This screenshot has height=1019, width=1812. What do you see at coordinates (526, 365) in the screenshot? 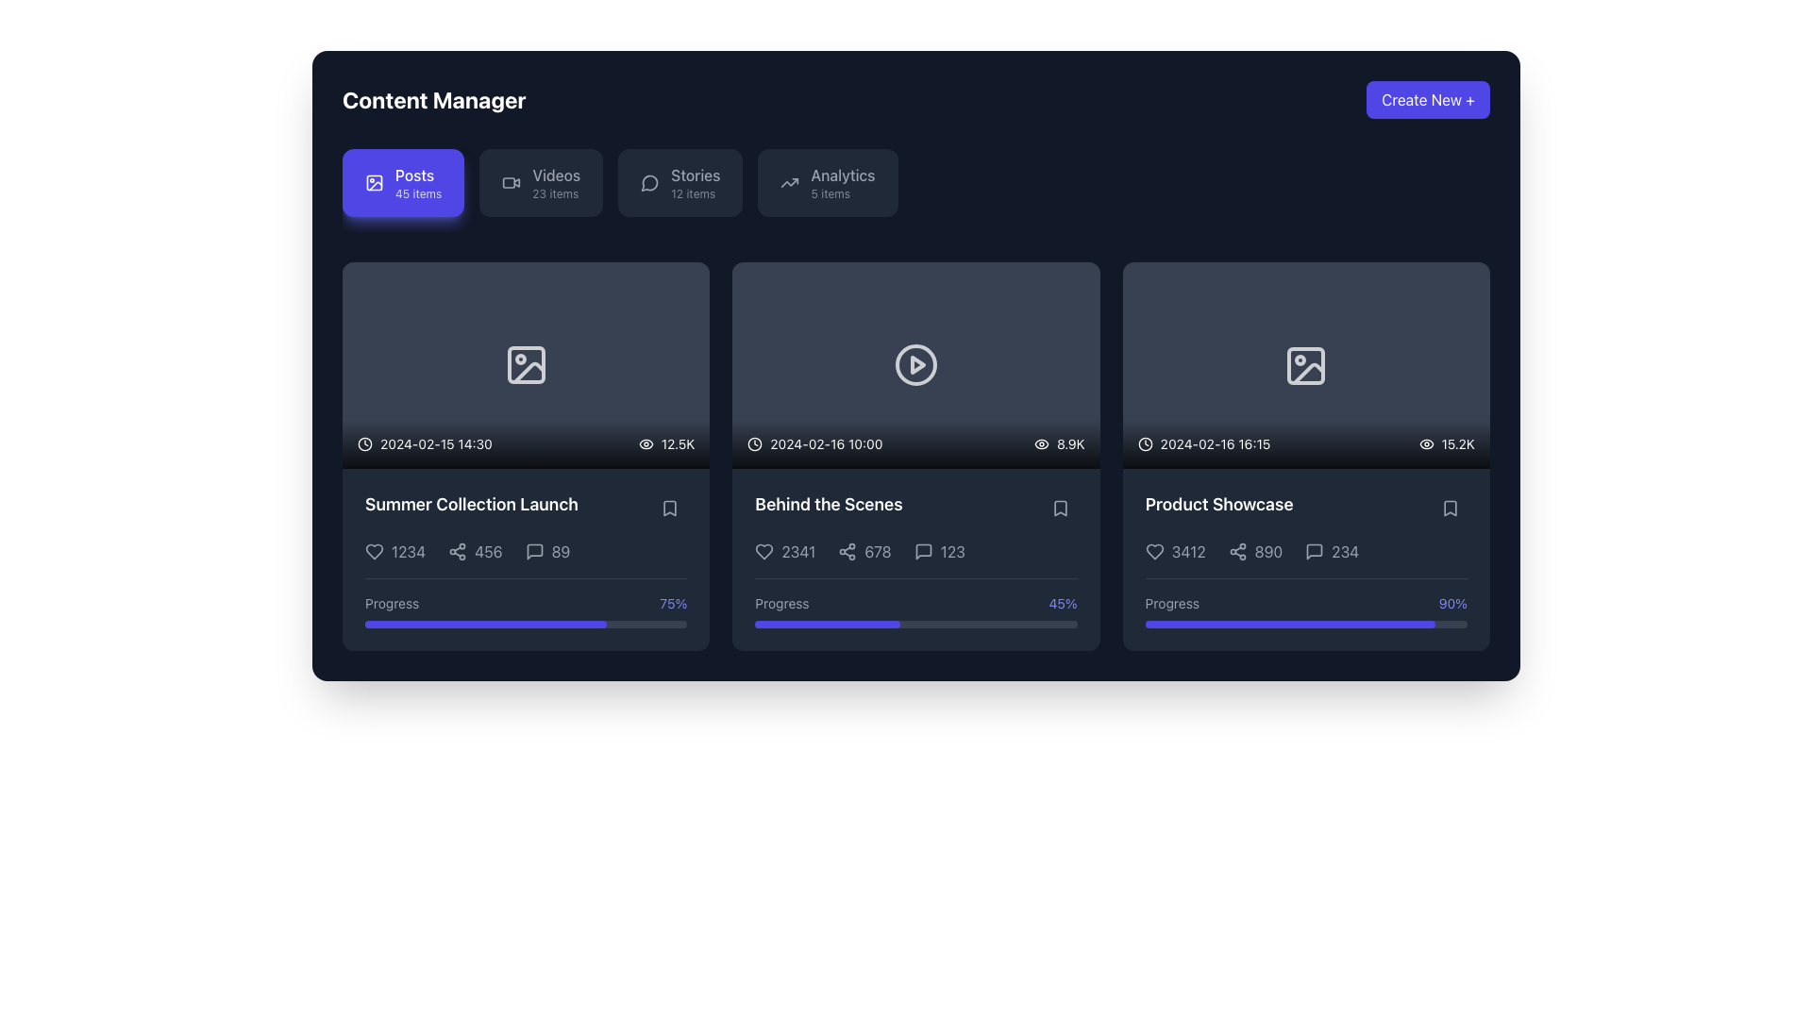
I see `the Image Placeholder Icon located in the top-left quadrant of the middle card in the 'Content Manager' interface, which features a square frame with rounded corners, a circular dot in the top-left, and a mountain-shaped pattern inside` at bounding box center [526, 365].